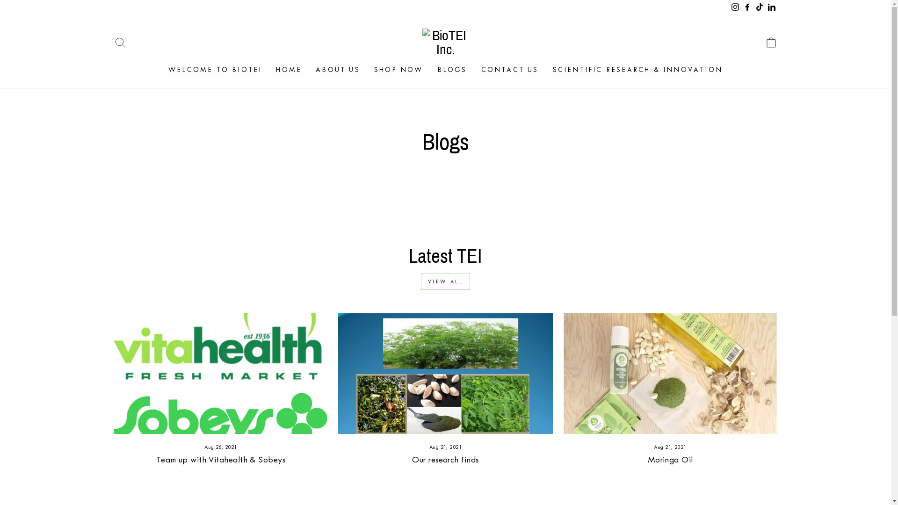  What do you see at coordinates (670, 459) in the screenshot?
I see `'Moringa Oil'` at bounding box center [670, 459].